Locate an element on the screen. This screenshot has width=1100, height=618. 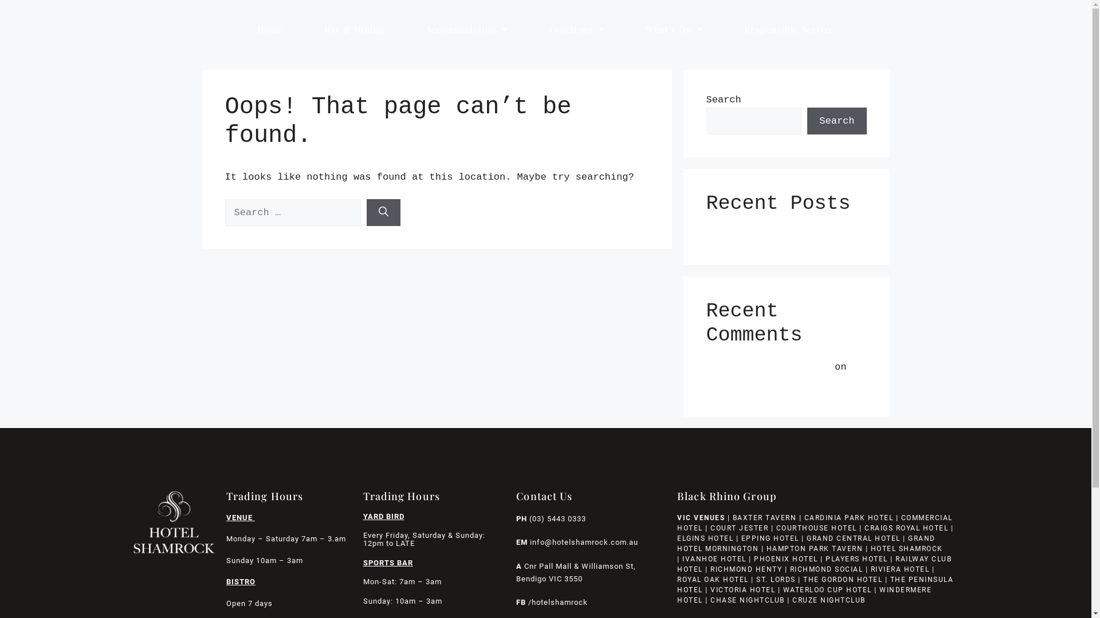
'Responsible Service' is located at coordinates (722, 28).